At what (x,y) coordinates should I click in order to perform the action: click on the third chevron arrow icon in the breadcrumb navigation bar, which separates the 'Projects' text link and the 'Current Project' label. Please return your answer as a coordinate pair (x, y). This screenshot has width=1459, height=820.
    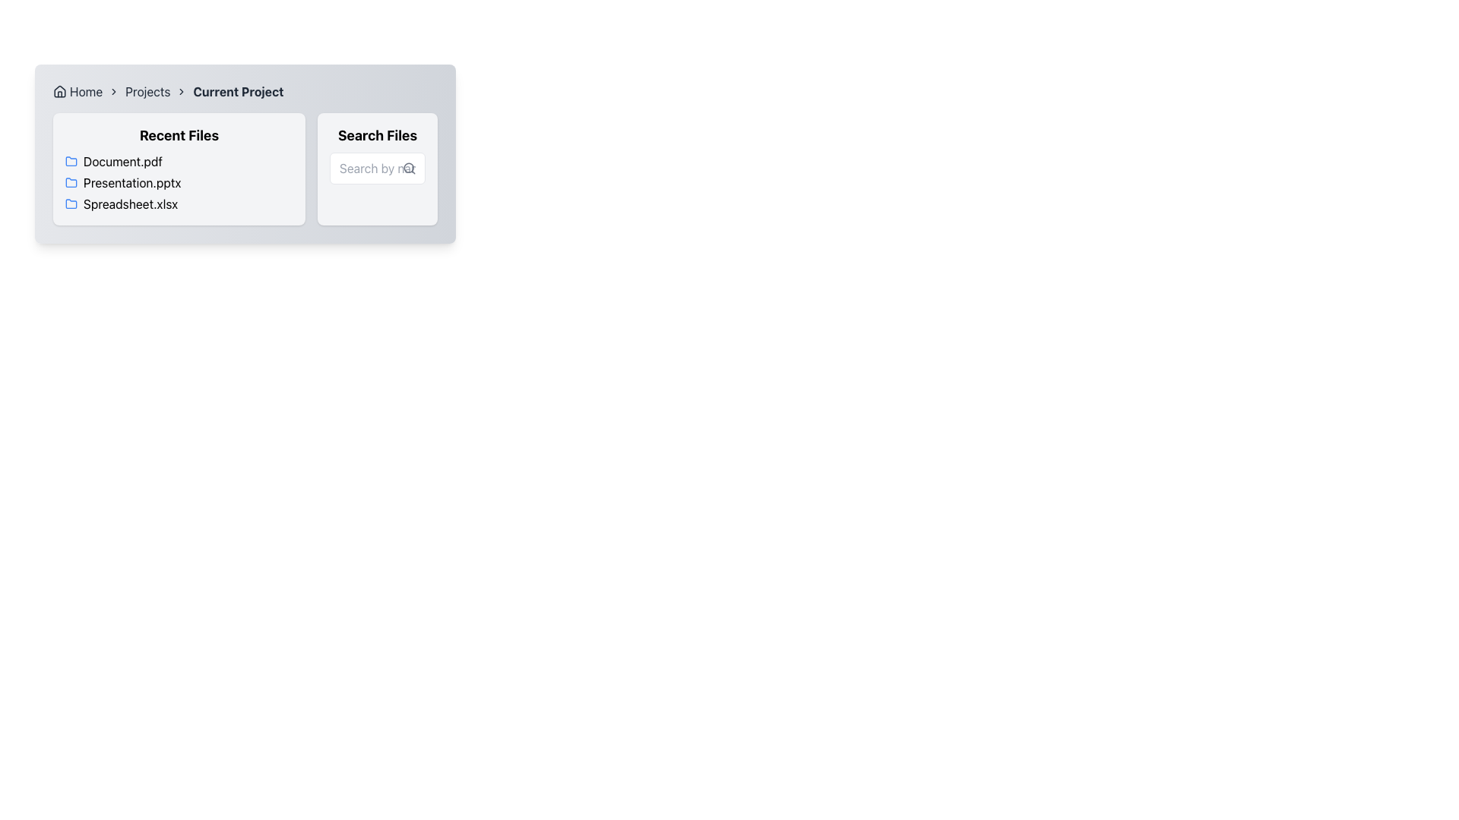
    Looking at the image, I should click on (182, 91).